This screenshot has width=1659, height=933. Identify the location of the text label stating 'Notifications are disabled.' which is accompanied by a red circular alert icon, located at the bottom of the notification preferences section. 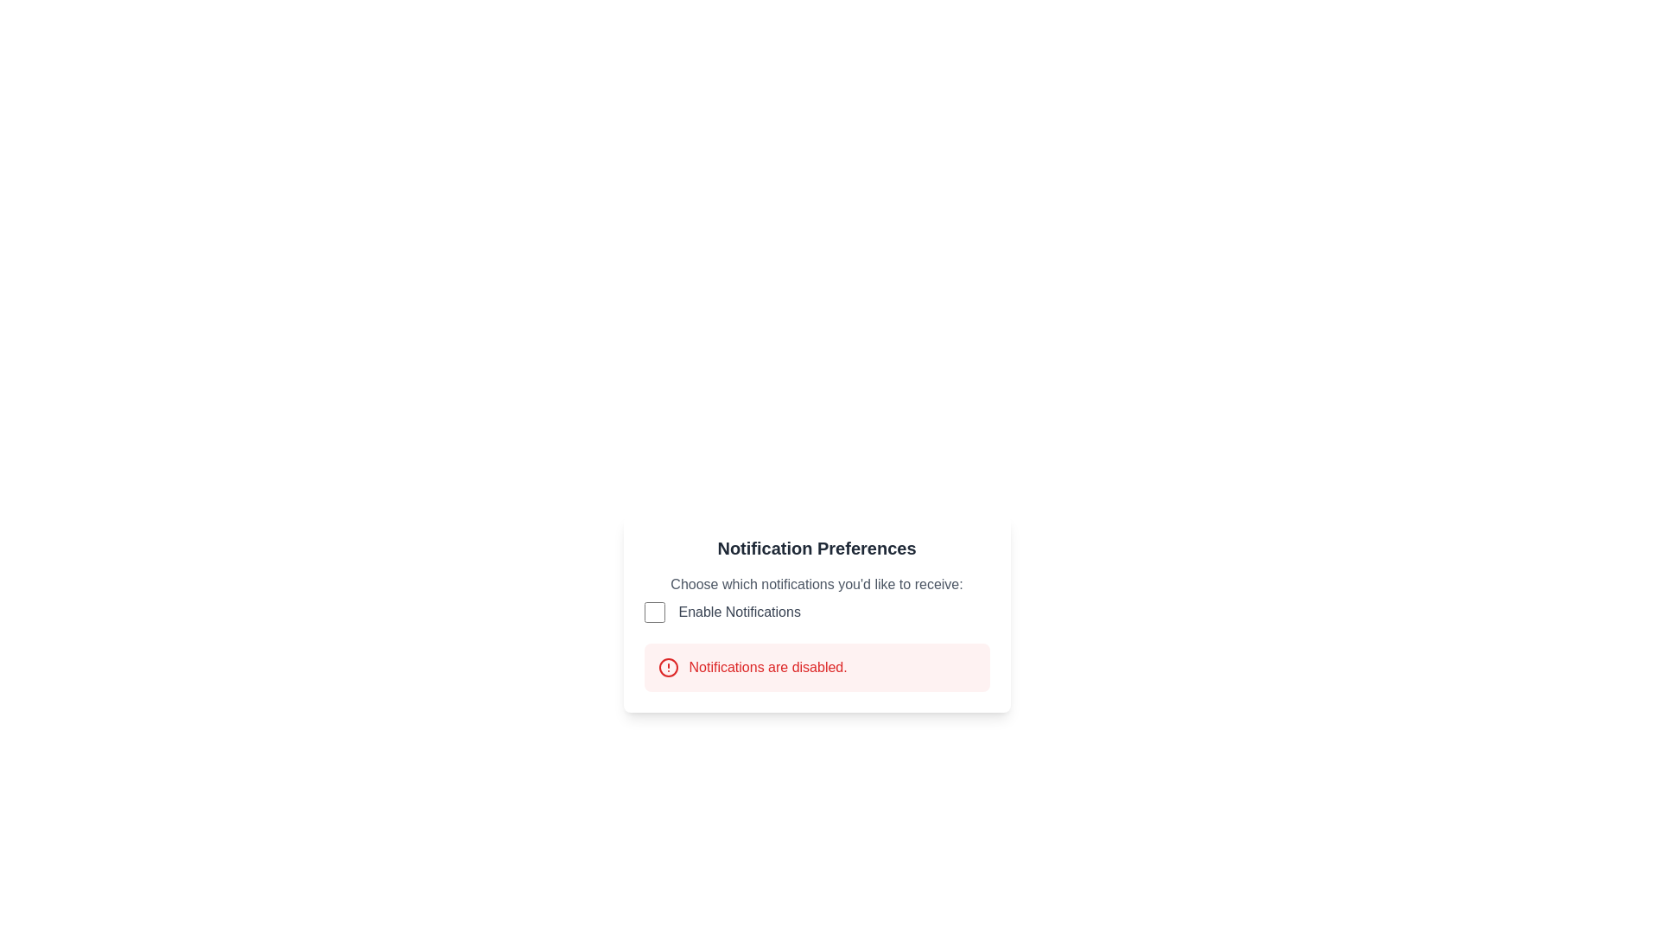
(816, 666).